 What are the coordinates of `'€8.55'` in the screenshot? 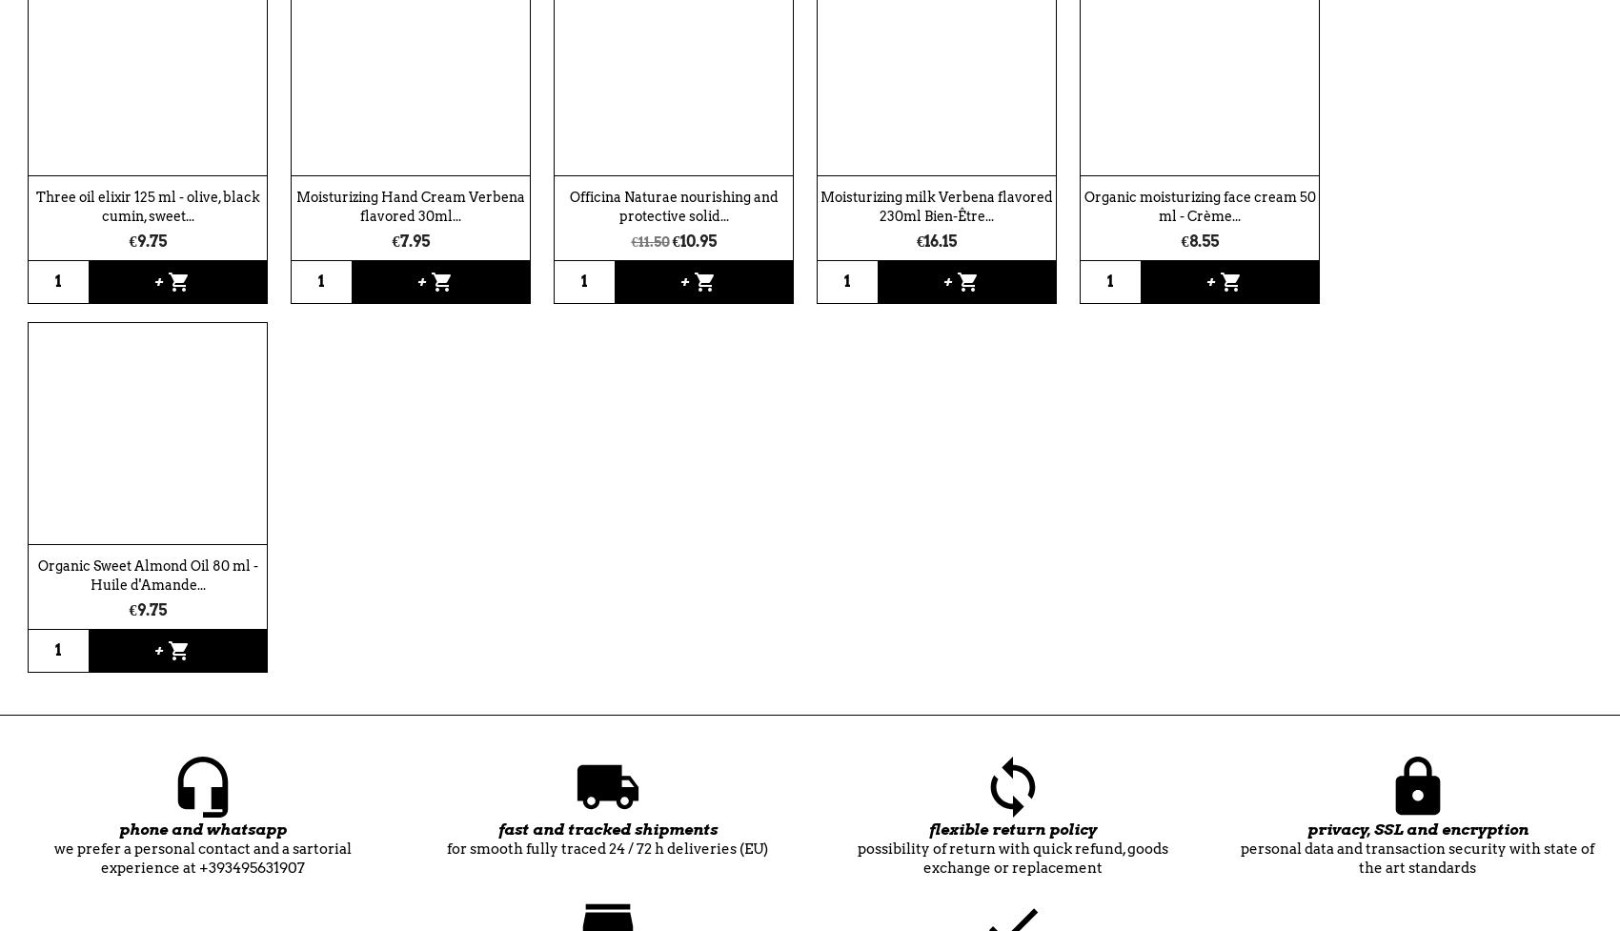 It's located at (1198, 239).